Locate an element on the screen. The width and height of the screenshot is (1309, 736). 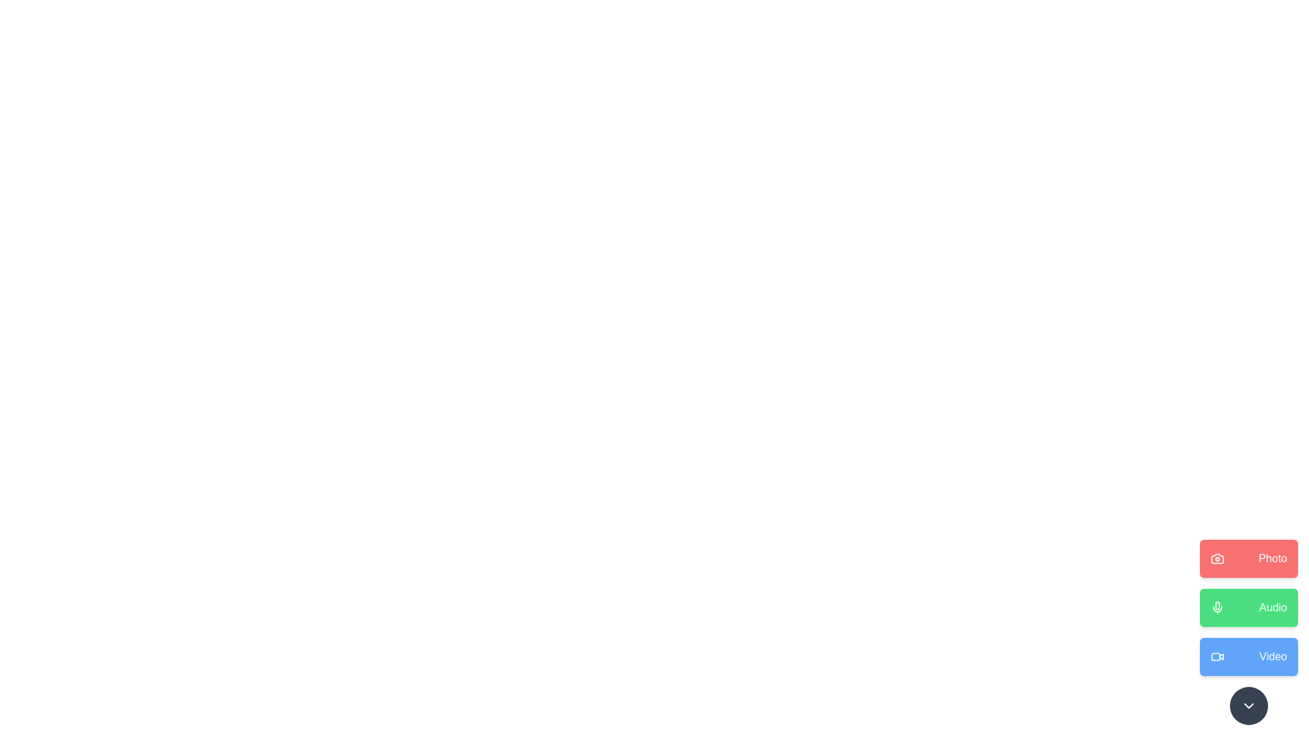
the 'Photo' button to trigger the photo action is located at coordinates (1249, 559).